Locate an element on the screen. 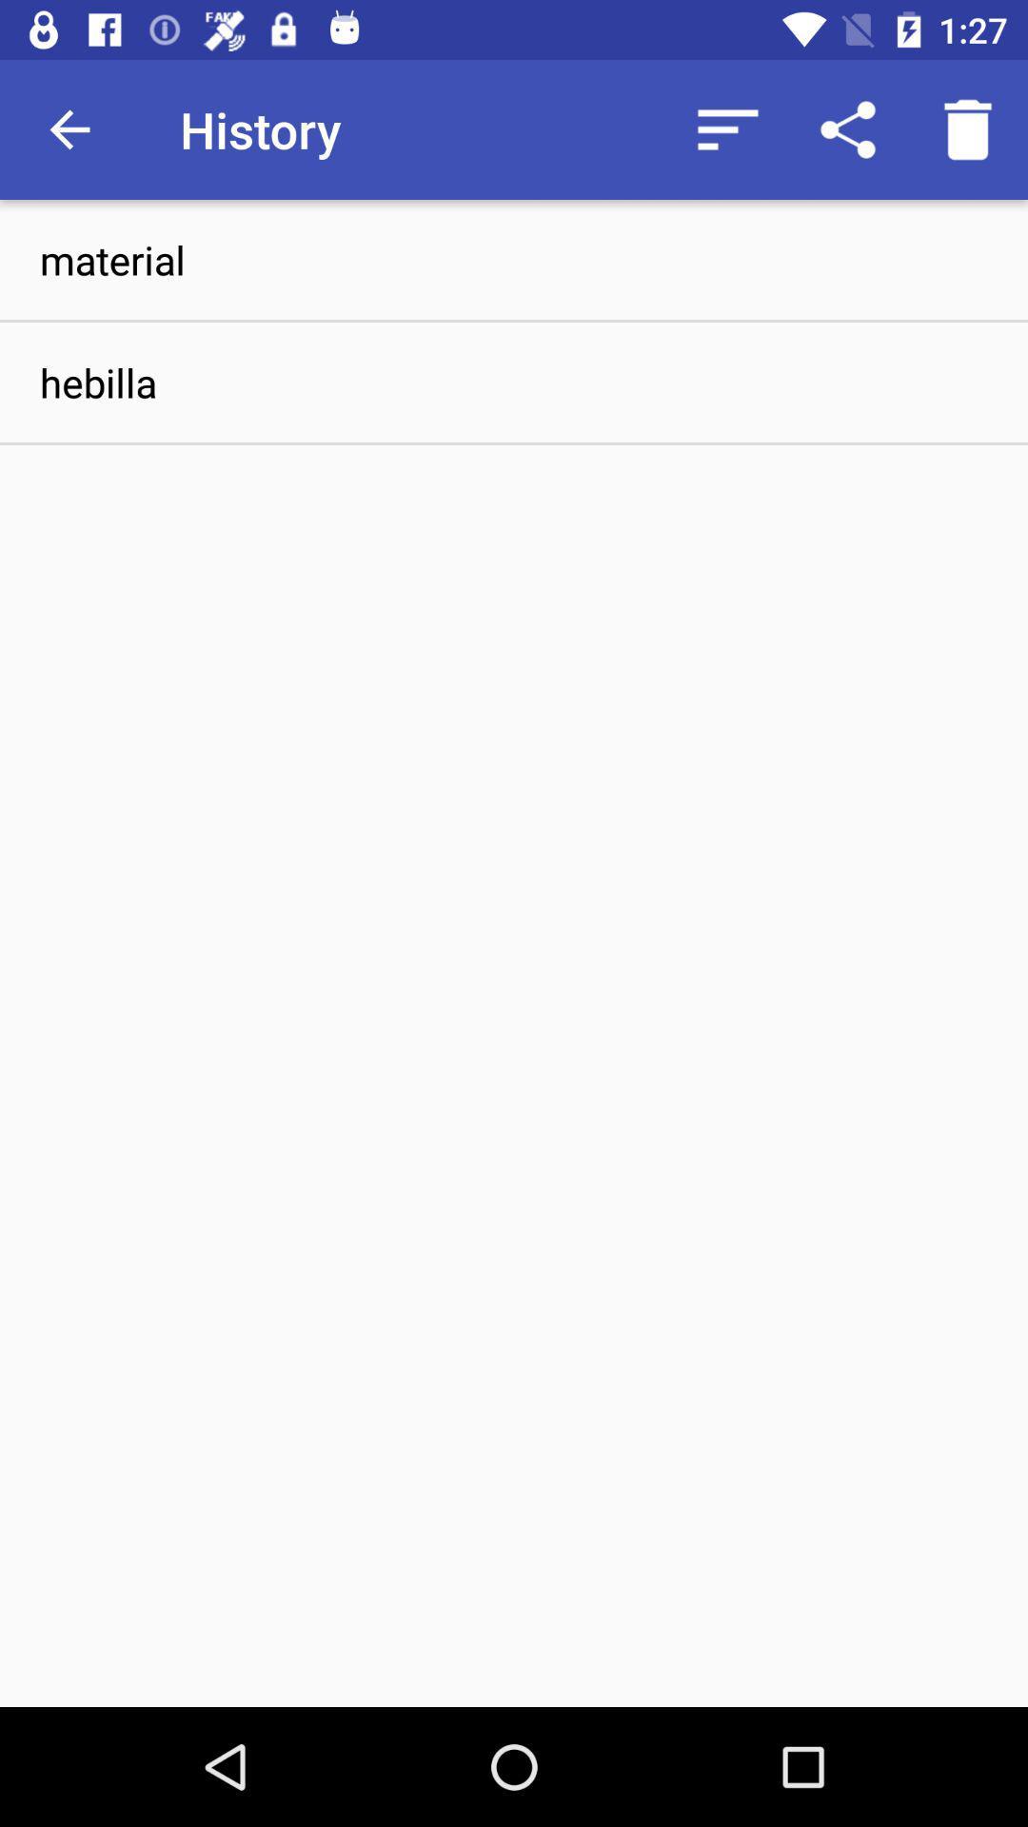 This screenshot has width=1028, height=1827. the icon to the right of the history is located at coordinates (727, 128).